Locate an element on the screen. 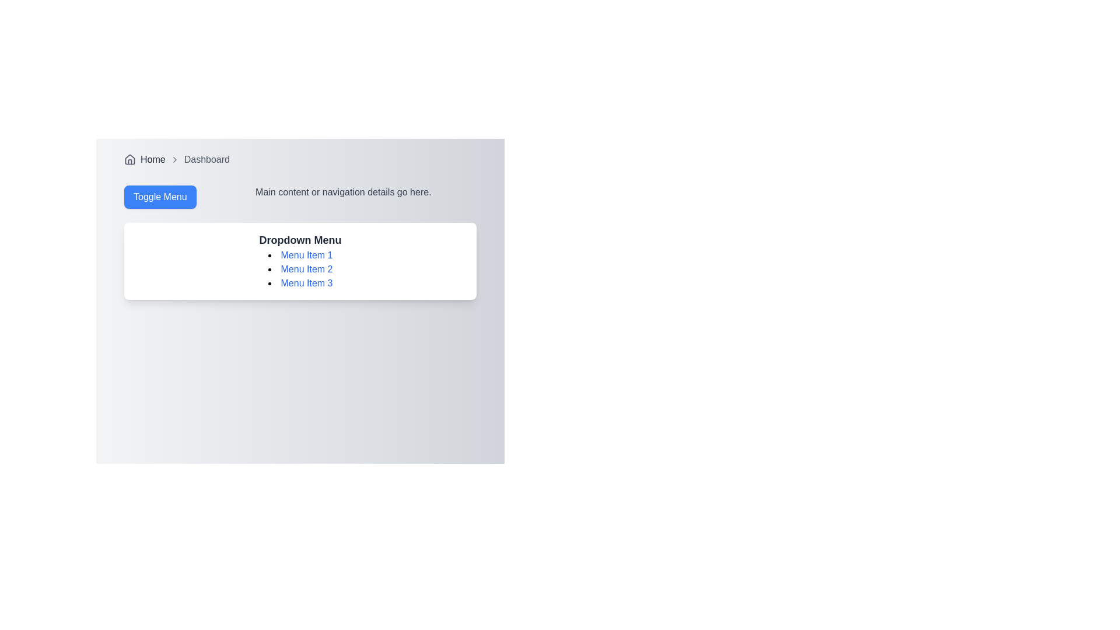  the hyperlink labeled 'Menu Item 3' in blue color located in the dropdown menu is located at coordinates (300, 283).